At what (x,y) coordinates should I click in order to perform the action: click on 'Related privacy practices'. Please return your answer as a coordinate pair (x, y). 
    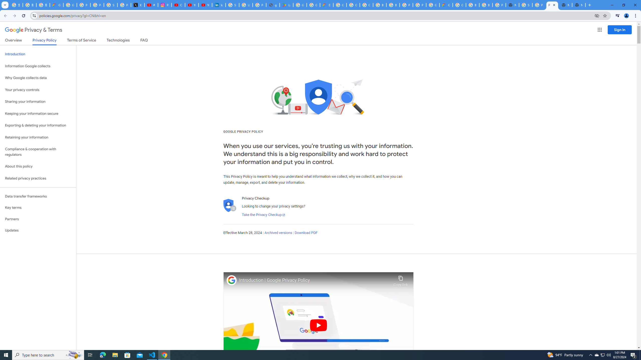
    Looking at the image, I should click on (38, 178).